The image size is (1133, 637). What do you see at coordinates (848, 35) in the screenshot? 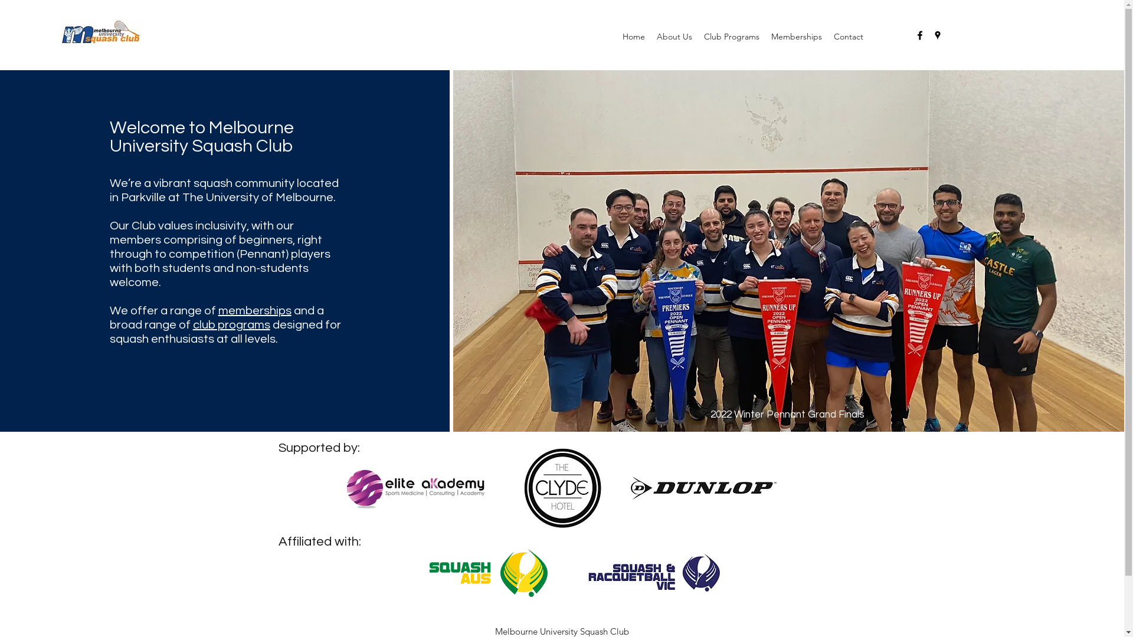
I see `'Contact'` at bounding box center [848, 35].